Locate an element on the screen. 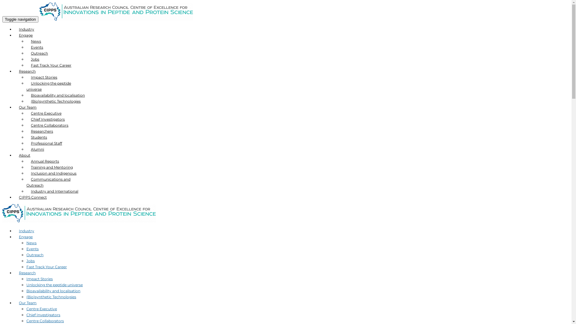 The width and height of the screenshot is (576, 324). 'Research' is located at coordinates (14, 71).